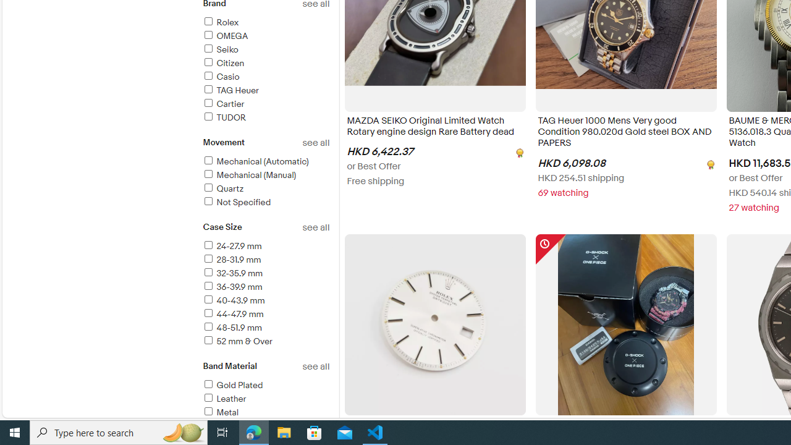  What do you see at coordinates (265, 301) in the screenshot?
I see `'40-43.9 mm'` at bounding box center [265, 301].